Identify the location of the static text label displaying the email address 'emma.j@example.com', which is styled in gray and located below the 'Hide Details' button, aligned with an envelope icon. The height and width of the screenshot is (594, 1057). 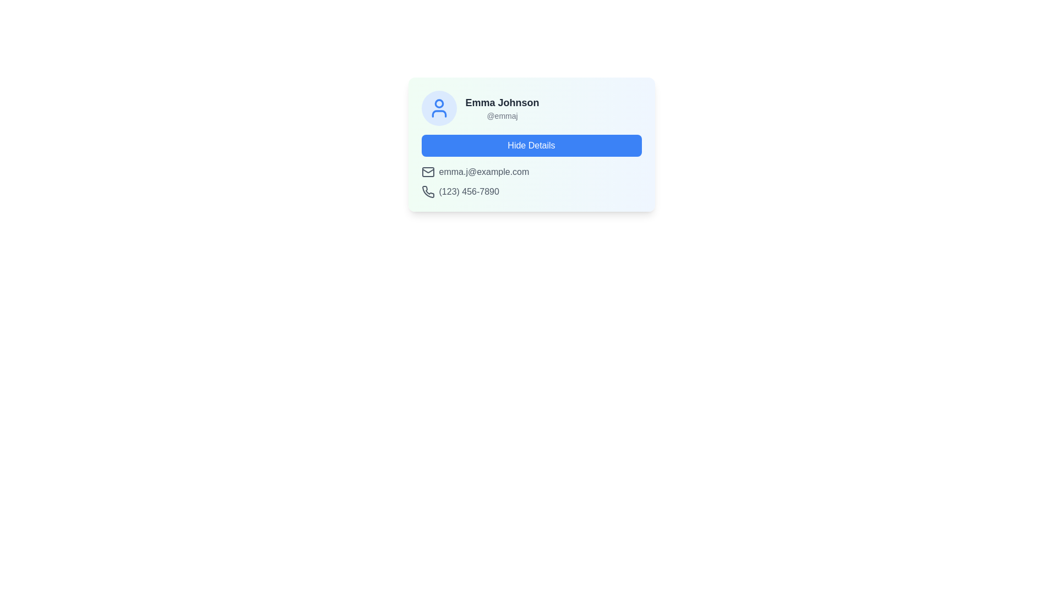
(484, 172).